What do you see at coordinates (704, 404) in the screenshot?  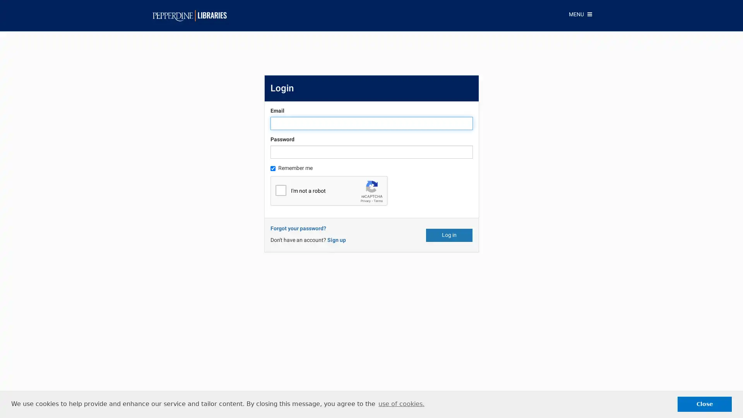 I see `dismiss cookie message` at bounding box center [704, 404].